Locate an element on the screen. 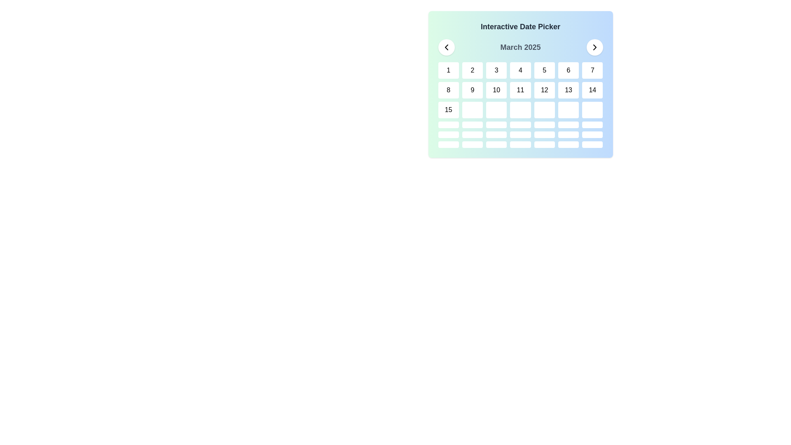 This screenshot has height=445, width=791. the leftward-pointing chevron icon within the date picker interface is located at coordinates (446, 47).